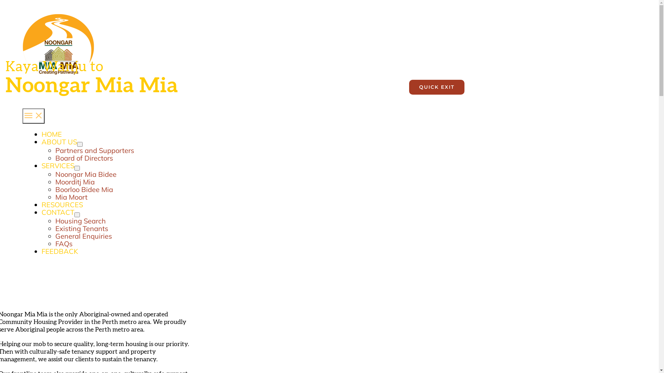 The height and width of the screenshot is (373, 664). Describe the element at coordinates (436, 87) in the screenshot. I see `'QUICK EXIT'` at that location.